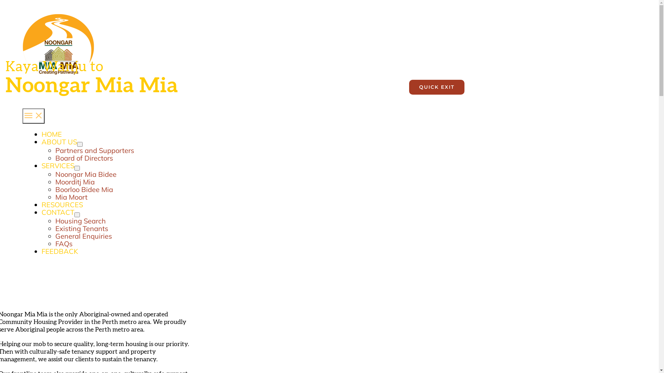 The height and width of the screenshot is (373, 664). Describe the element at coordinates (436, 87) in the screenshot. I see `'QUICK EXIT'` at that location.